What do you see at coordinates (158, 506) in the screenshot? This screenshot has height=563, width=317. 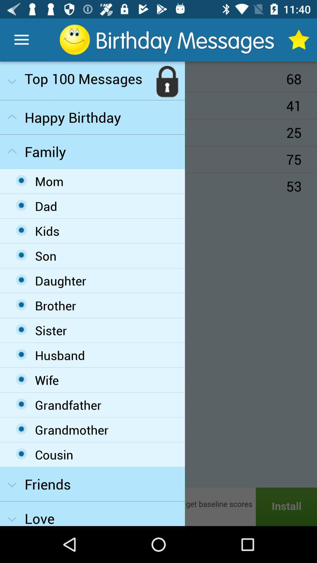 I see `advertisement` at bounding box center [158, 506].